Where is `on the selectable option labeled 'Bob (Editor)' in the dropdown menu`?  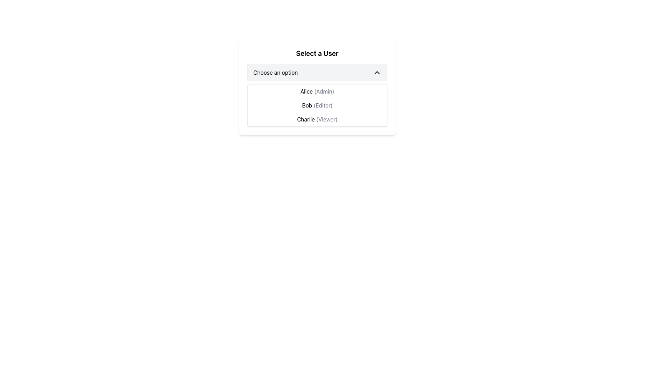
on the selectable option labeled 'Bob (Editor)' in the dropdown menu is located at coordinates (317, 105).